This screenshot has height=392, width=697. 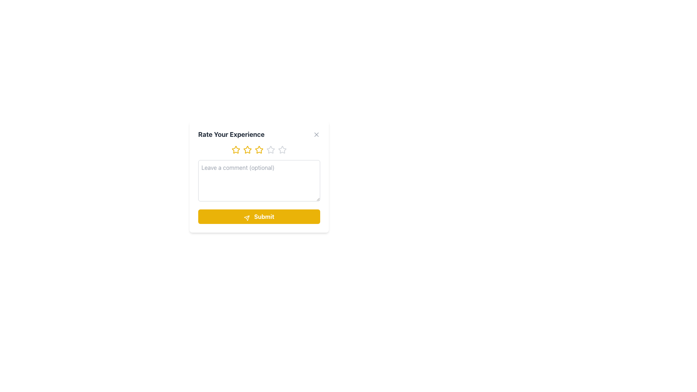 I want to click on the paper airplane icon located on the left side of the 'Submit' button at the bottom center of the interface, so click(x=247, y=218).